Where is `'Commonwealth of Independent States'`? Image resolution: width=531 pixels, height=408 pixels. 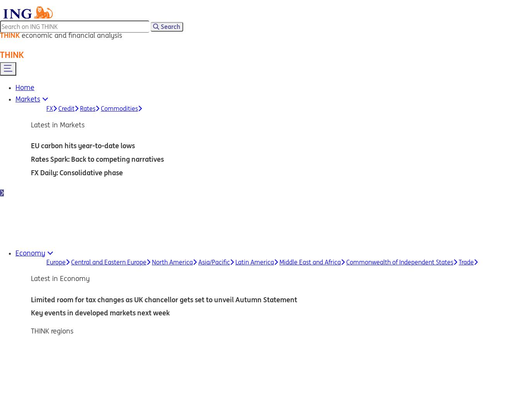 'Commonwealth of Independent States' is located at coordinates (400, 262).